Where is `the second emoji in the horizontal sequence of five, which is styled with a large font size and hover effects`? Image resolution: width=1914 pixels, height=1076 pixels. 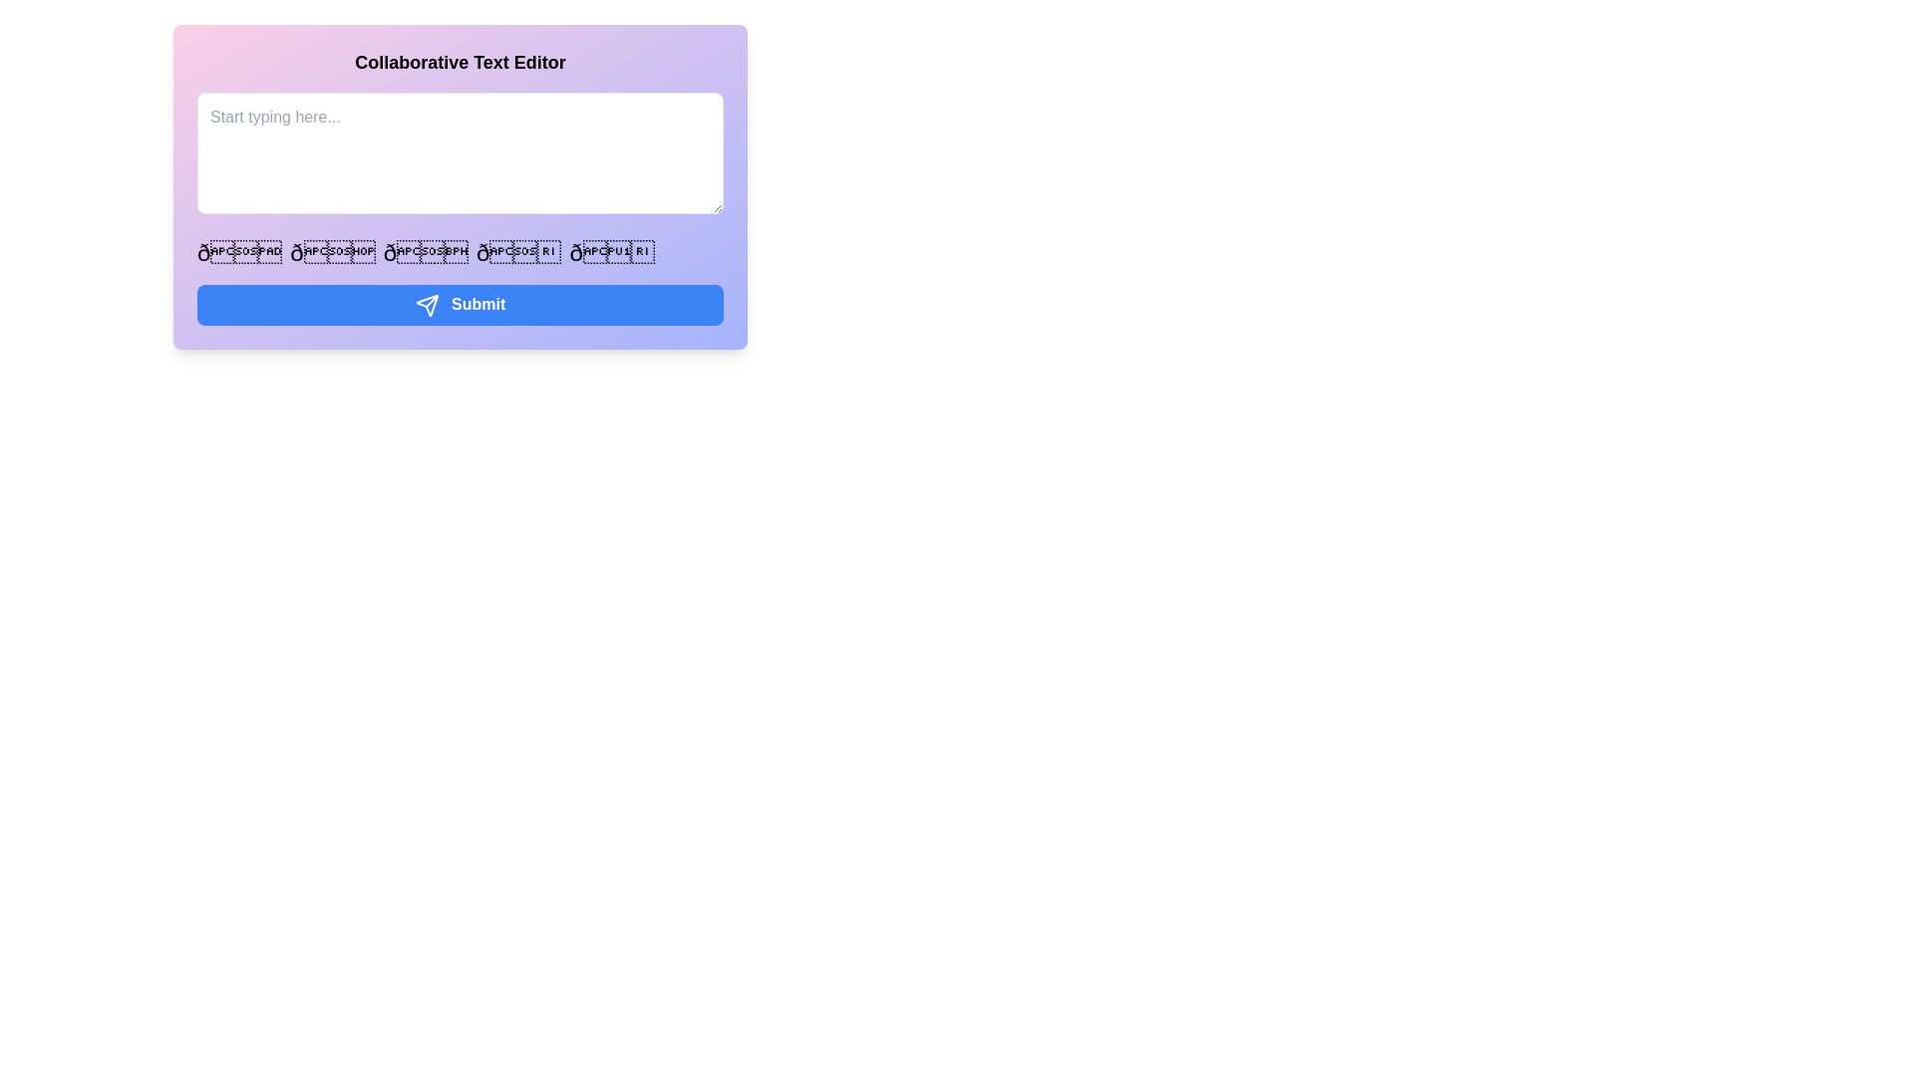 the second emoji in the horizontal sequence of five, which is styled with a large font size and hover effects is located at coordinates (333, 252).